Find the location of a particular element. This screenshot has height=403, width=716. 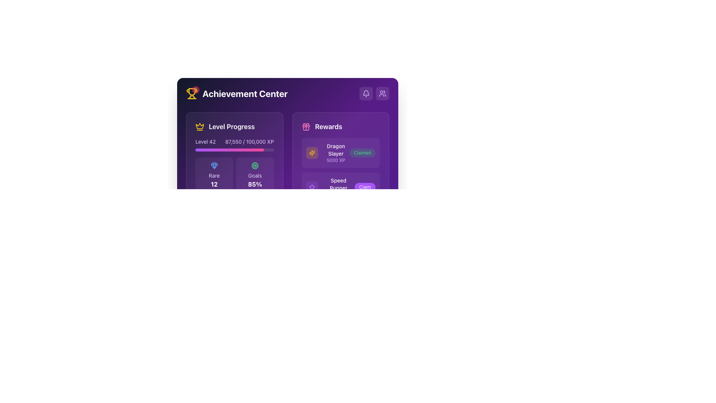

the button with a purple background and a white icon of two users, located in the upper-right corner of the interface is located at coordinates (383, 93).